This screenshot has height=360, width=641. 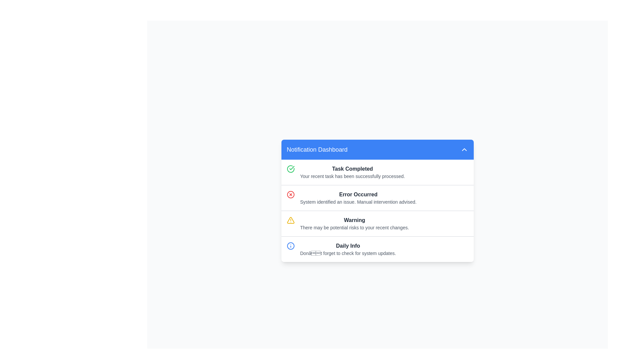 What do you see at coordinates (464, 149) in the screenshot?
I see `the upward-pointing chevron icon button located at the top right corner of the 'Notification Dashboard' header` at bounding box center [464, 149].